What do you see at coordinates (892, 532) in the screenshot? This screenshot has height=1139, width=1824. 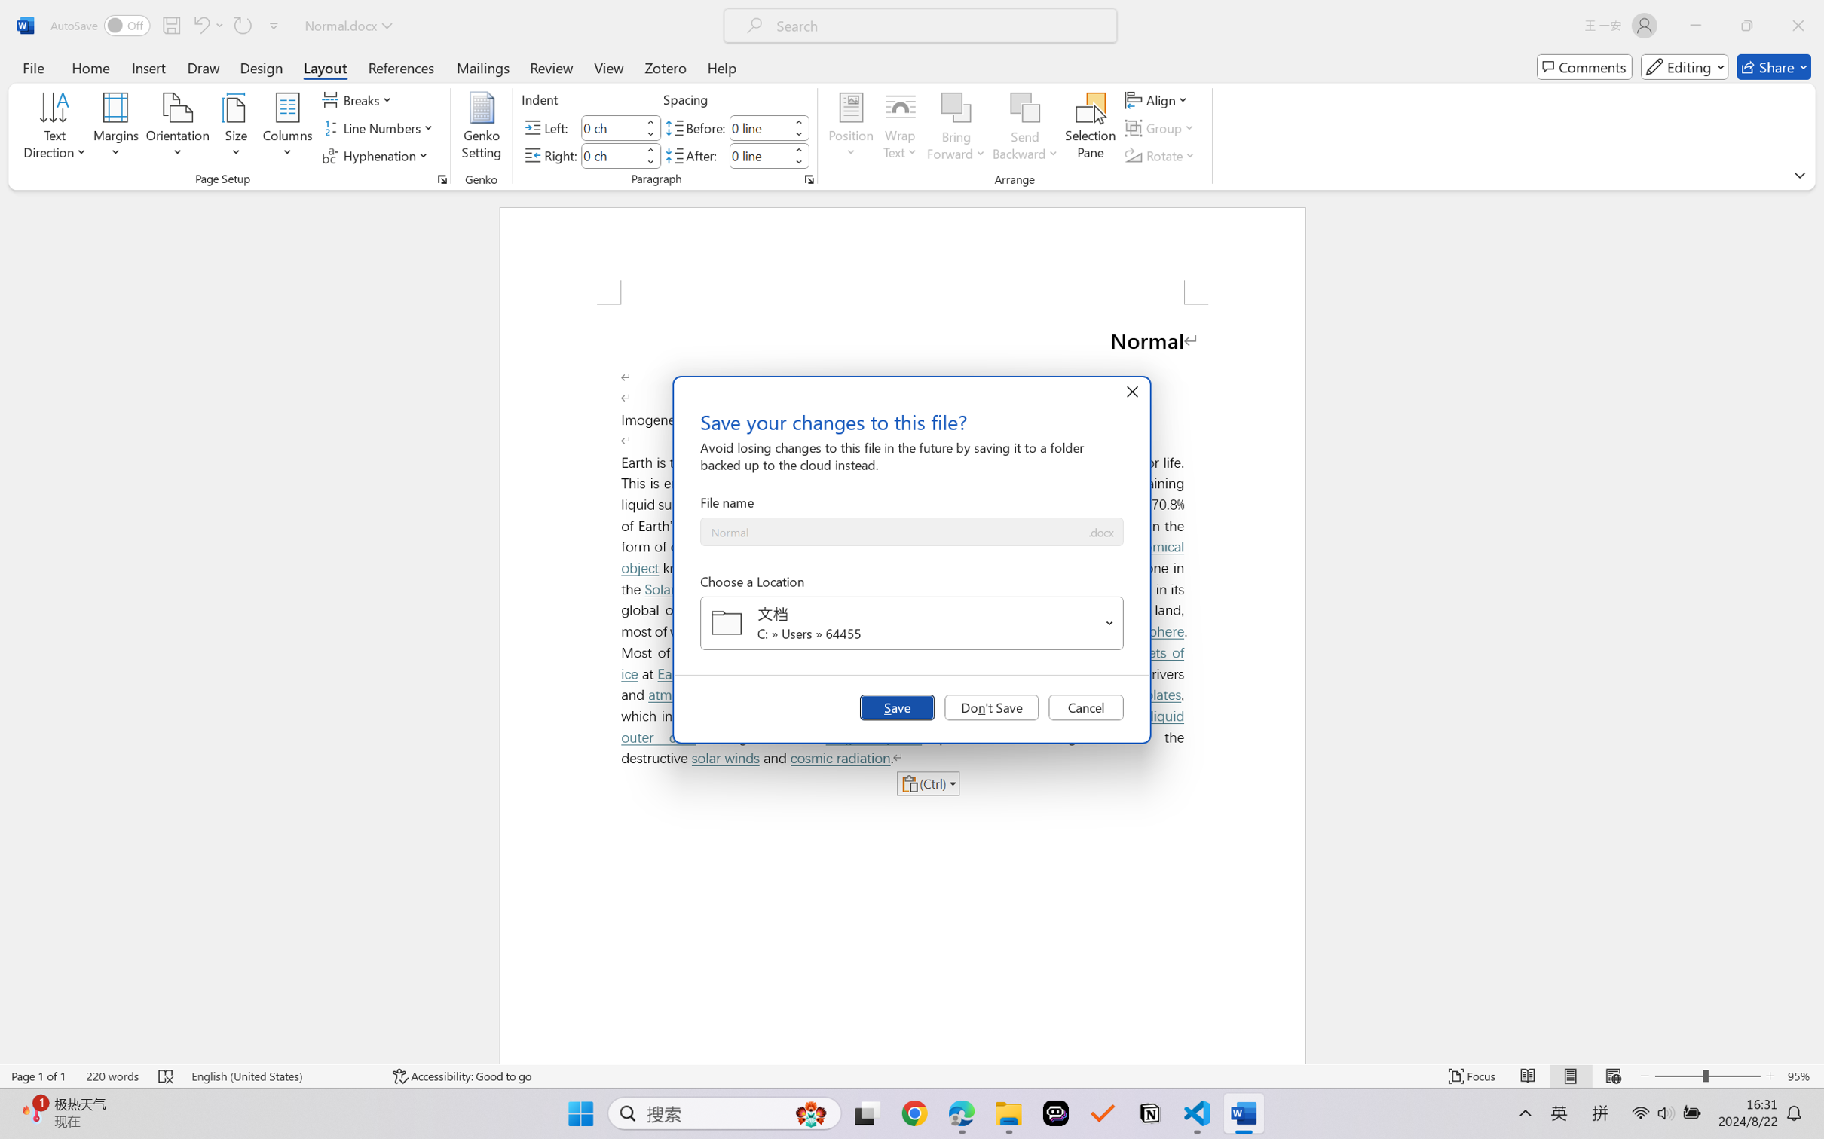 I see `'File name'` at bounding box center [892, 532].